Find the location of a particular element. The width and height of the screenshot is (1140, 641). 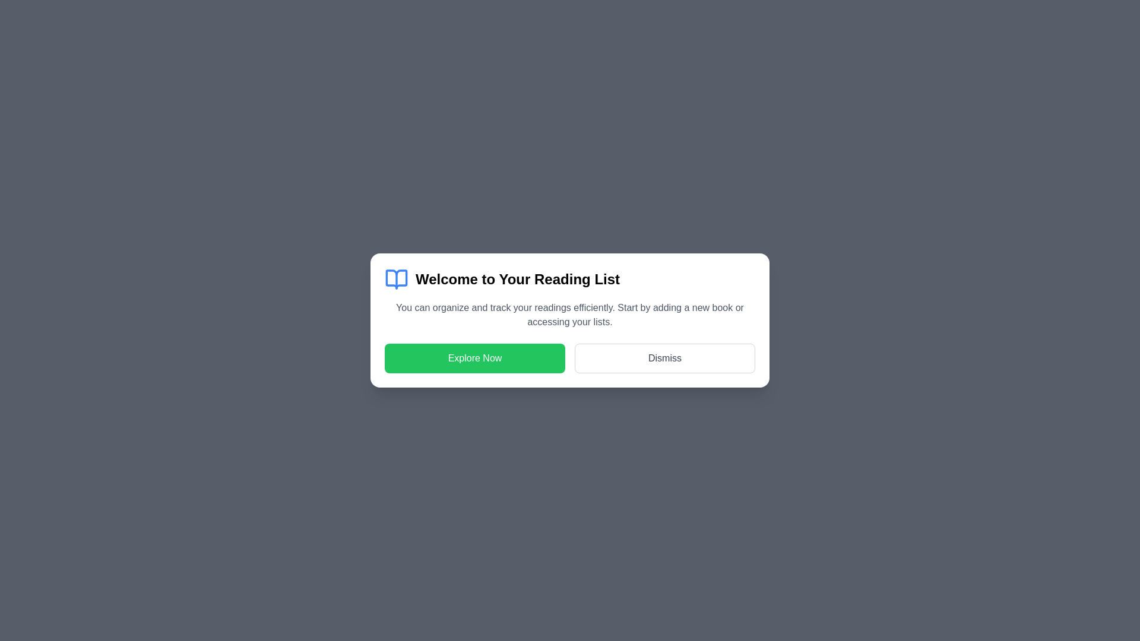

'Explore Now' button to initiate the explore functionality is located at coordinates (475, 358).